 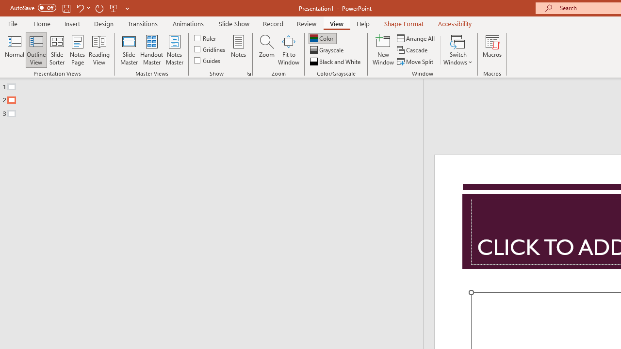 What do you see at coordinates (36, 50) in the screenshot?
I see `'Outline View'` at bounding box center [36, 50].